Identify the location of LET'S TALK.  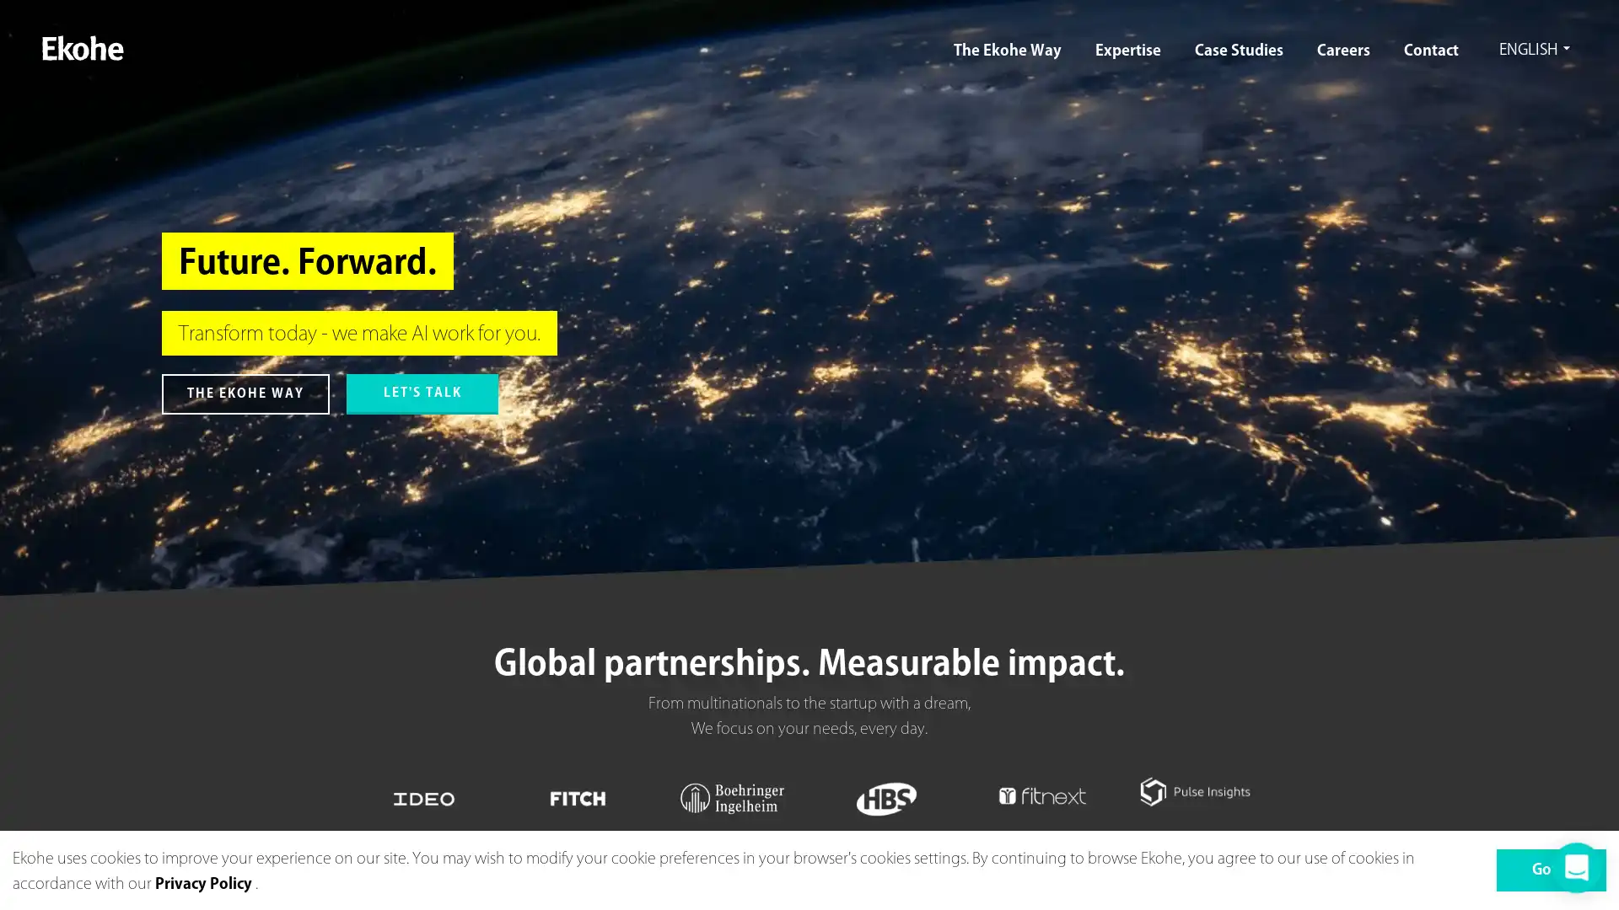
(422, 393).